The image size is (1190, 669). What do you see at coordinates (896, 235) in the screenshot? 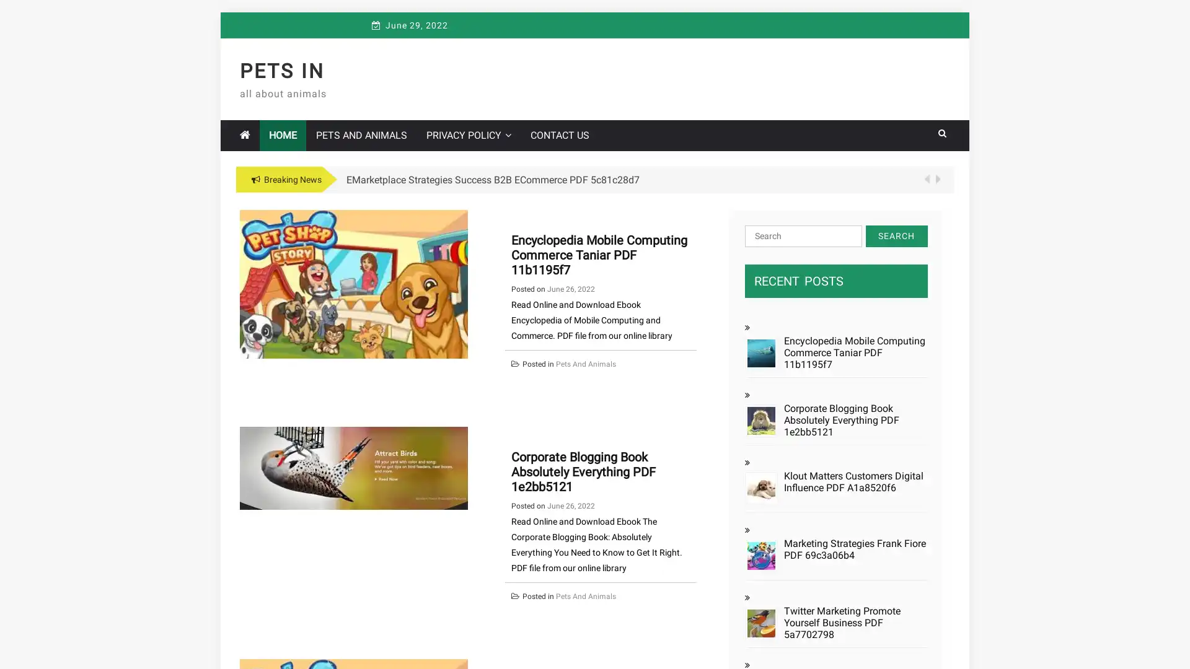
I see `Search` at bounding box center [896, 235].